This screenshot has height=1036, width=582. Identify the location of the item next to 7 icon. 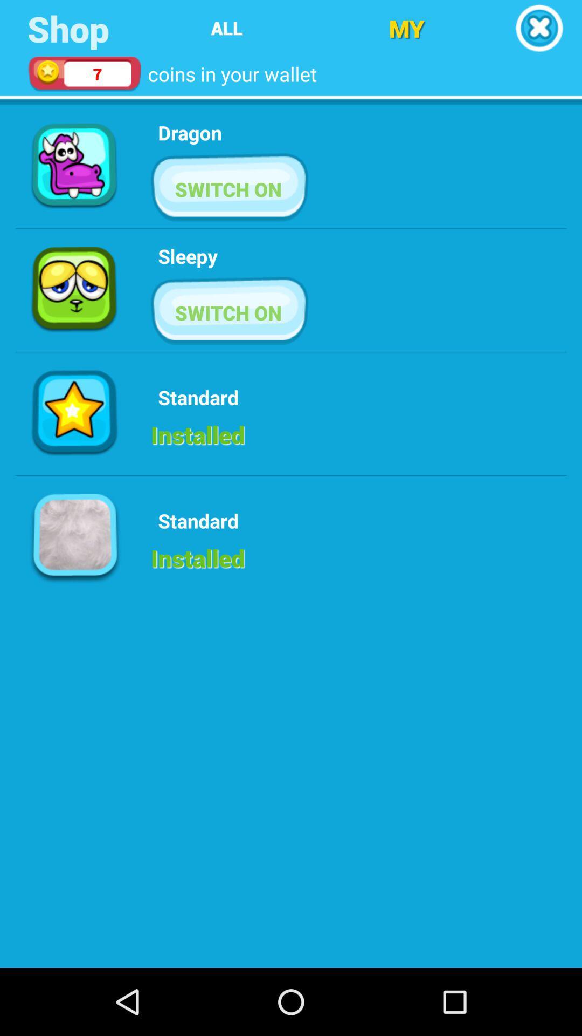
(226, 28).